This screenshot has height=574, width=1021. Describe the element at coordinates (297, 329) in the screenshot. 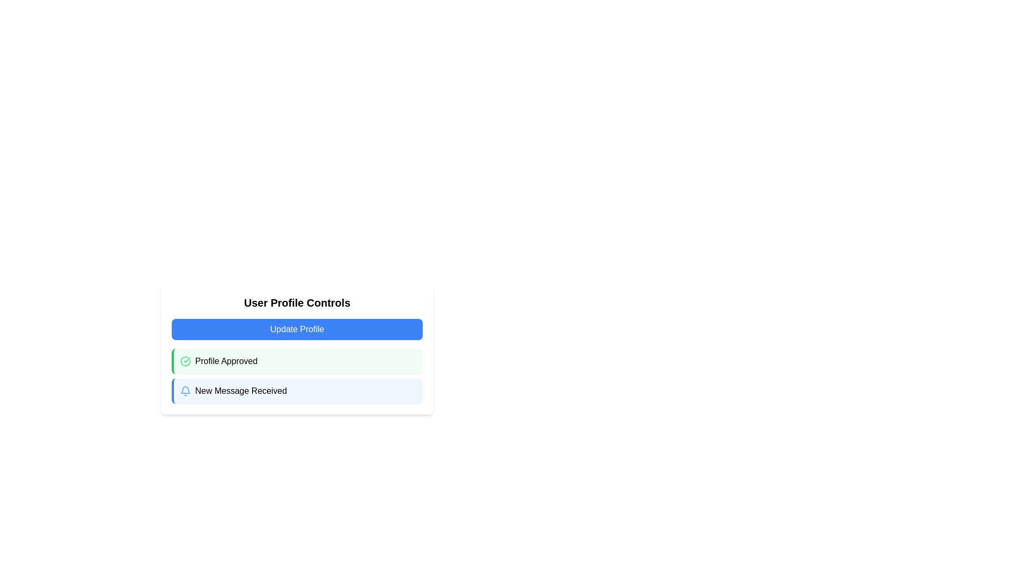

I see `the 'Update Profile' button` at that location.